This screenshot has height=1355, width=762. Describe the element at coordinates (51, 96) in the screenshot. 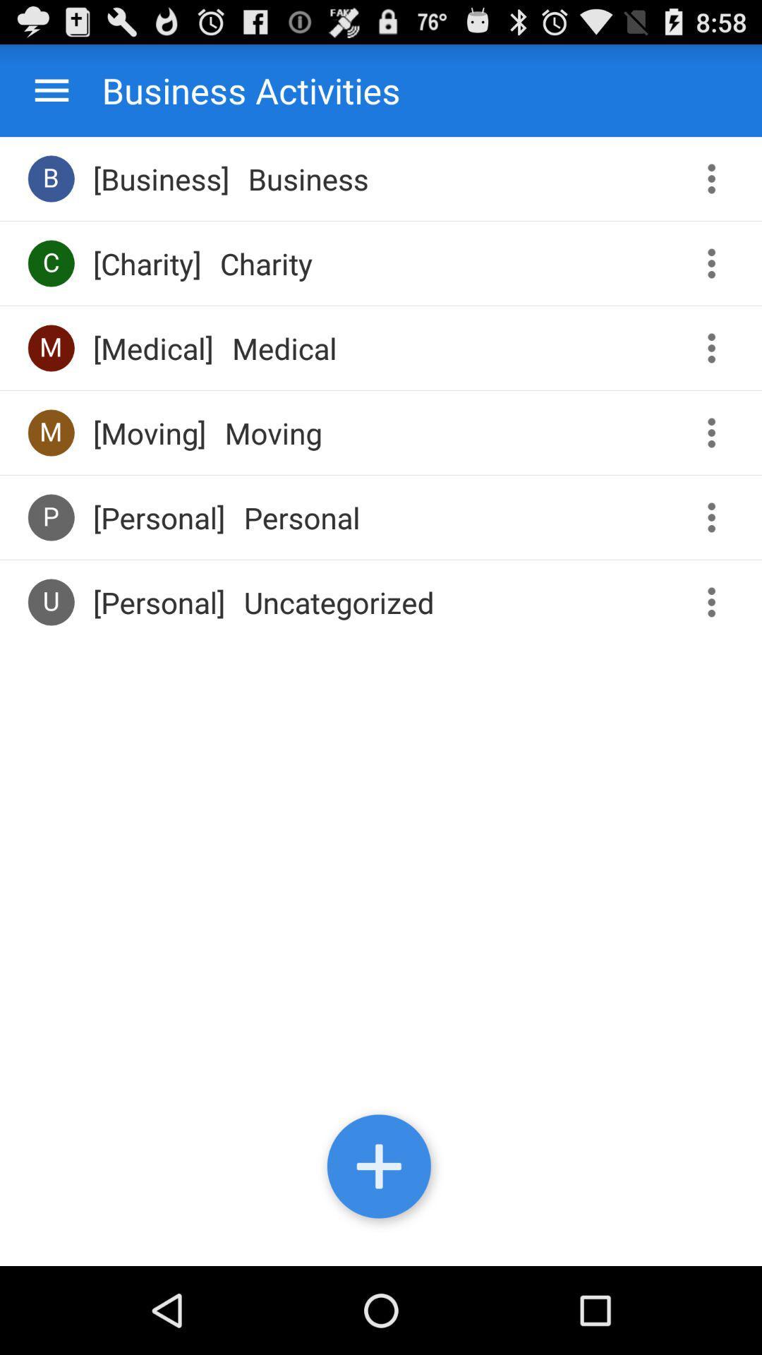

I see `the menu icon` at that location.